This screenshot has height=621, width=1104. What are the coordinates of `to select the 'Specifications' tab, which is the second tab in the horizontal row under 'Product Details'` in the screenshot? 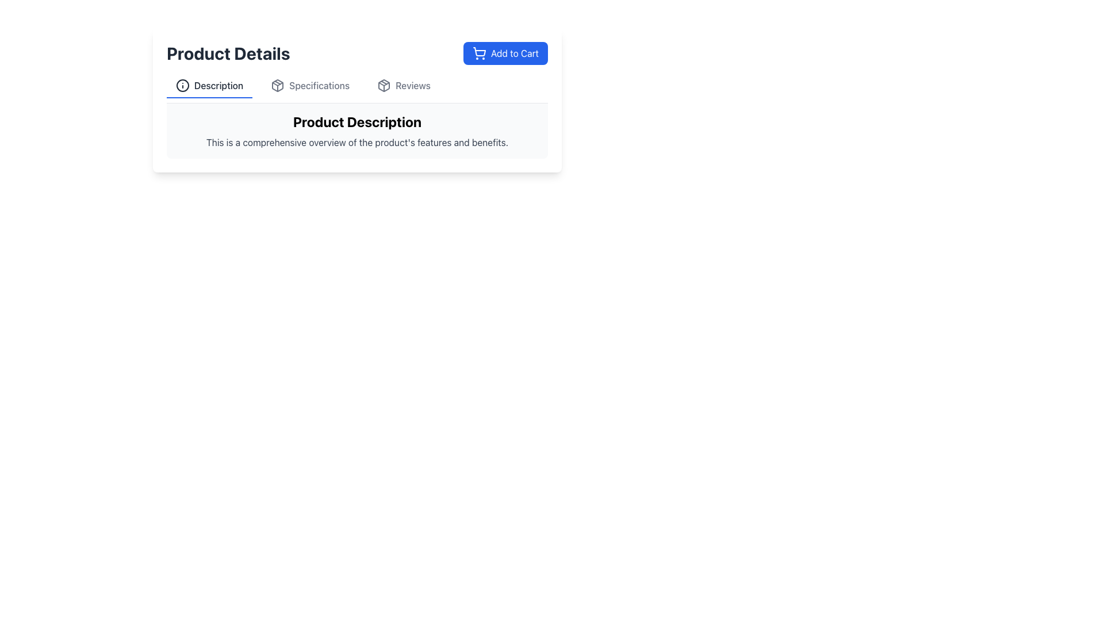 It's located at (310, 86).